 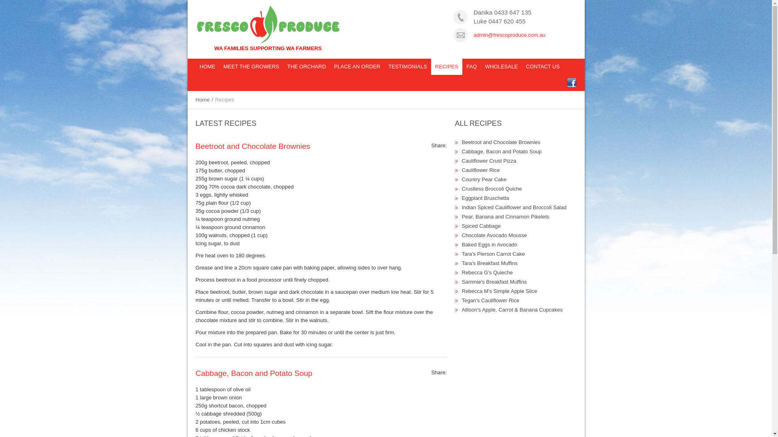 I want to click on 'TESTIMONIALS', so click(x=384, y=66).